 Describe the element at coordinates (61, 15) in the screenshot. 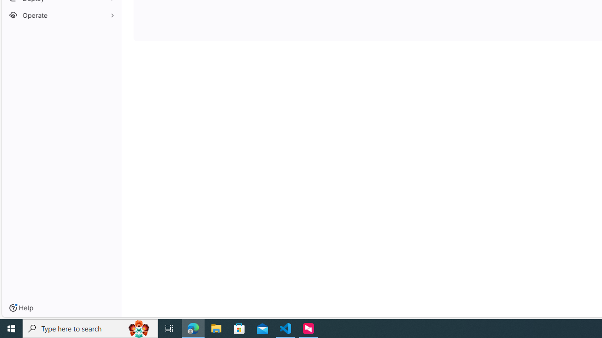

I see `'Operate'` at that location.